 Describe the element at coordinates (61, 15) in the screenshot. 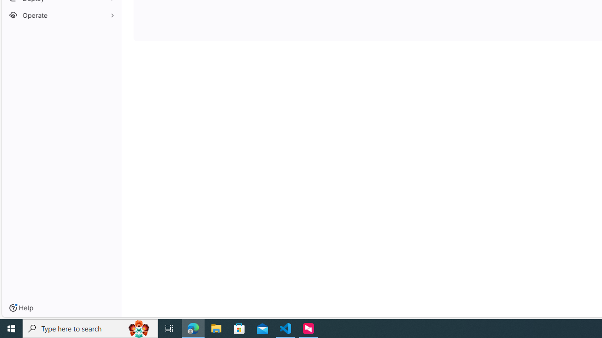

I see `'Operate'` at that location.